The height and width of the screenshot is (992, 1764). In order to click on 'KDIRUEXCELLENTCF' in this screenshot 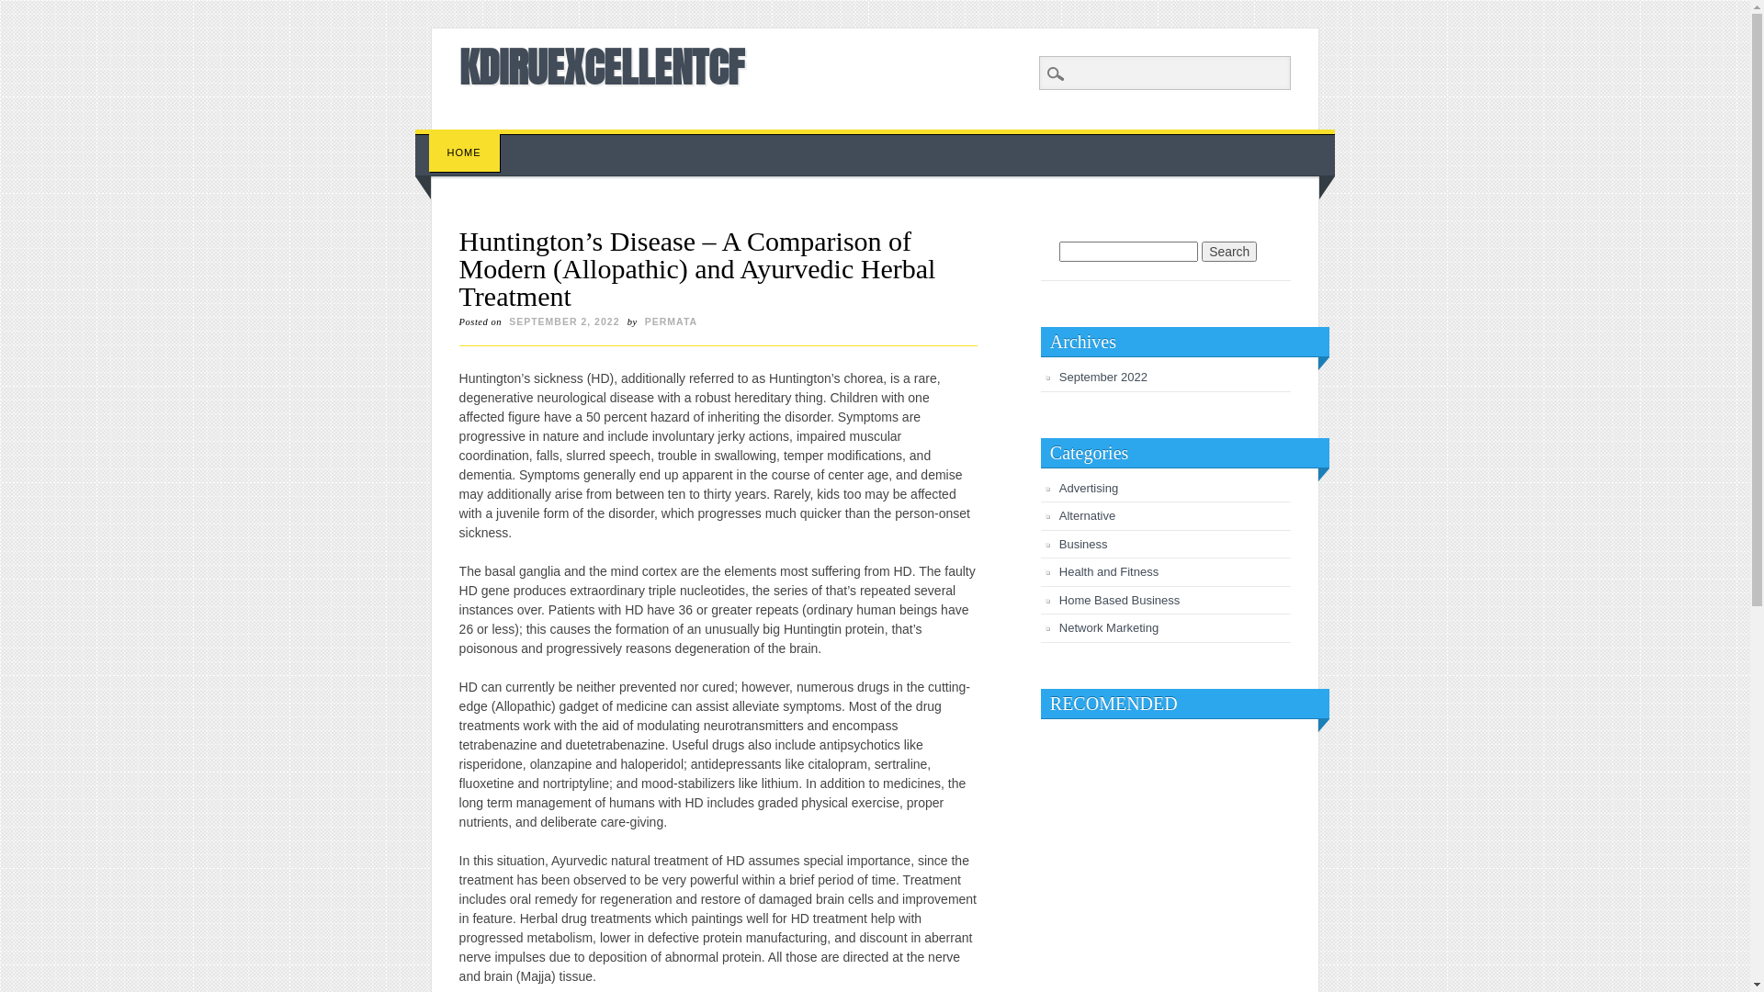, I will do `click(601, 66)`.